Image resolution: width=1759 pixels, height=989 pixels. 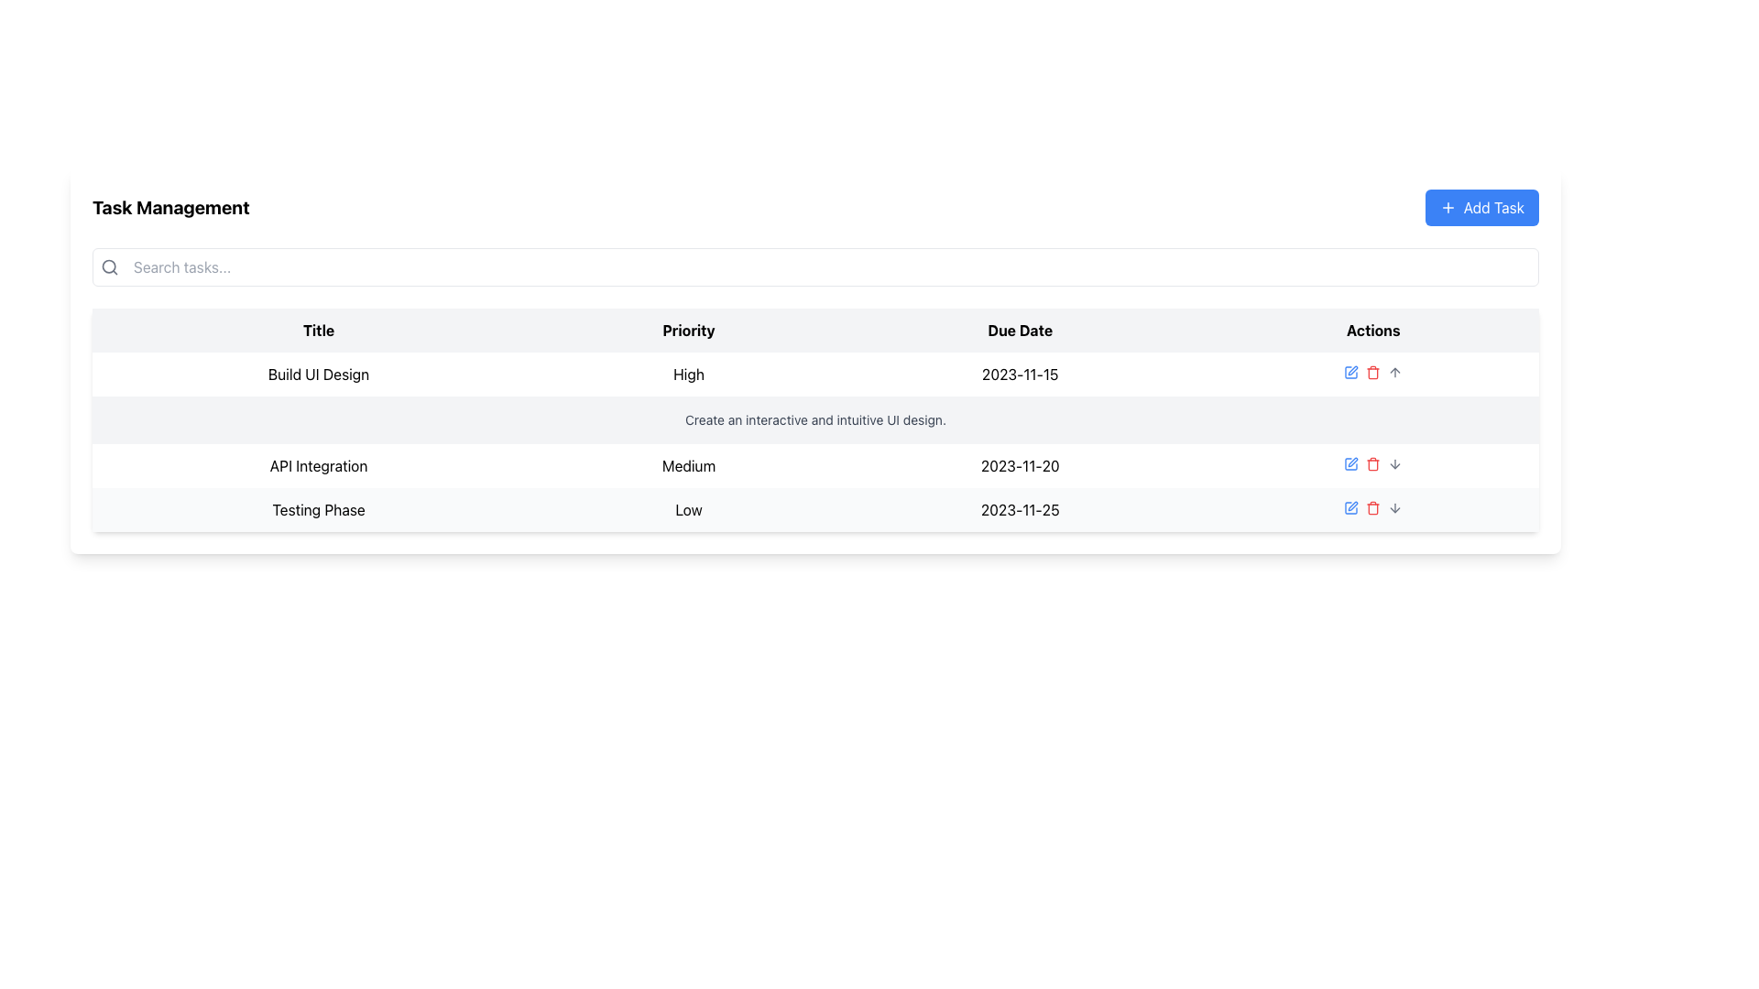 What do you see at coordinates (1481, 207) in the screenshot?
I see `the blue rectangular button labeled 'Add Task' located at the top-right corner of the interface` at bounding box center [1481, 207].